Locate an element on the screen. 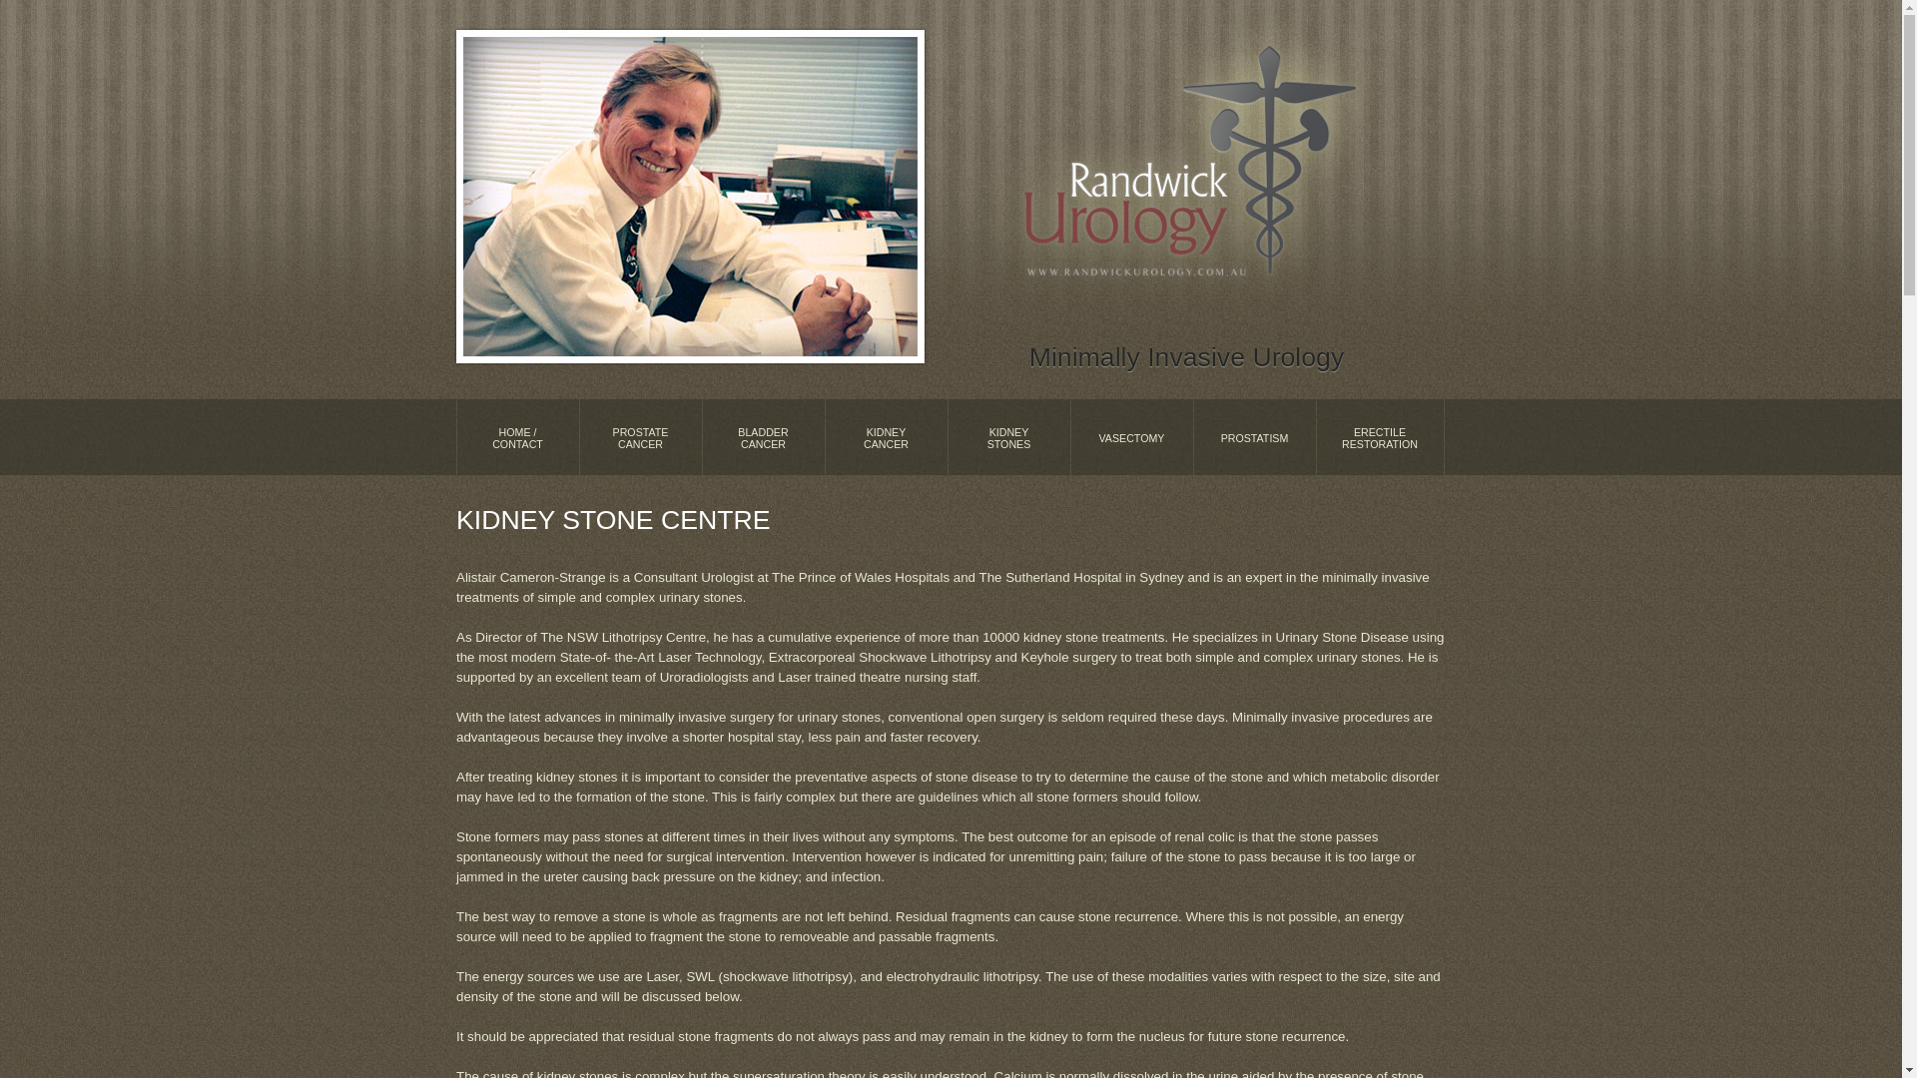 The height and width of the screenshot is (1078, 1917). 'HOME / is located at coordinates (517, 436).